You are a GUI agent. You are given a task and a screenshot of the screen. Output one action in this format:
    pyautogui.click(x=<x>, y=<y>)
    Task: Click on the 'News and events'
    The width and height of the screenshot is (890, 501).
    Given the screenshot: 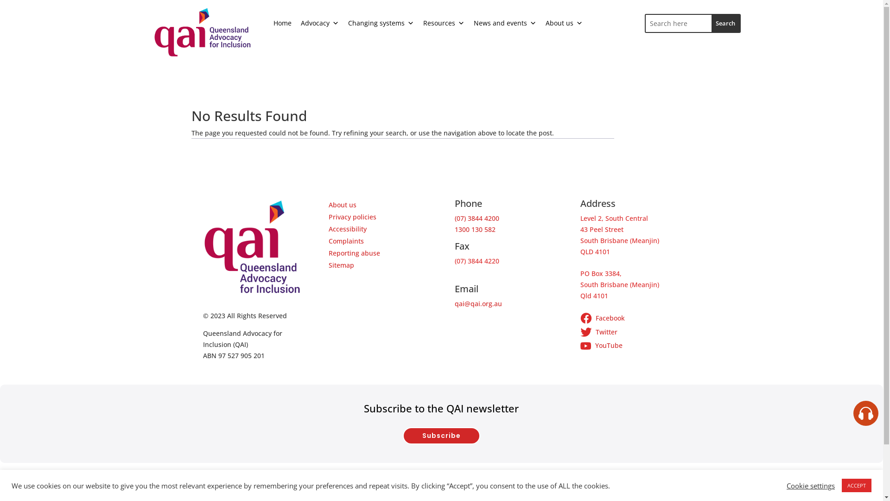 What is the action you would take?
    pyautogui.click(x=504, y=23)
    